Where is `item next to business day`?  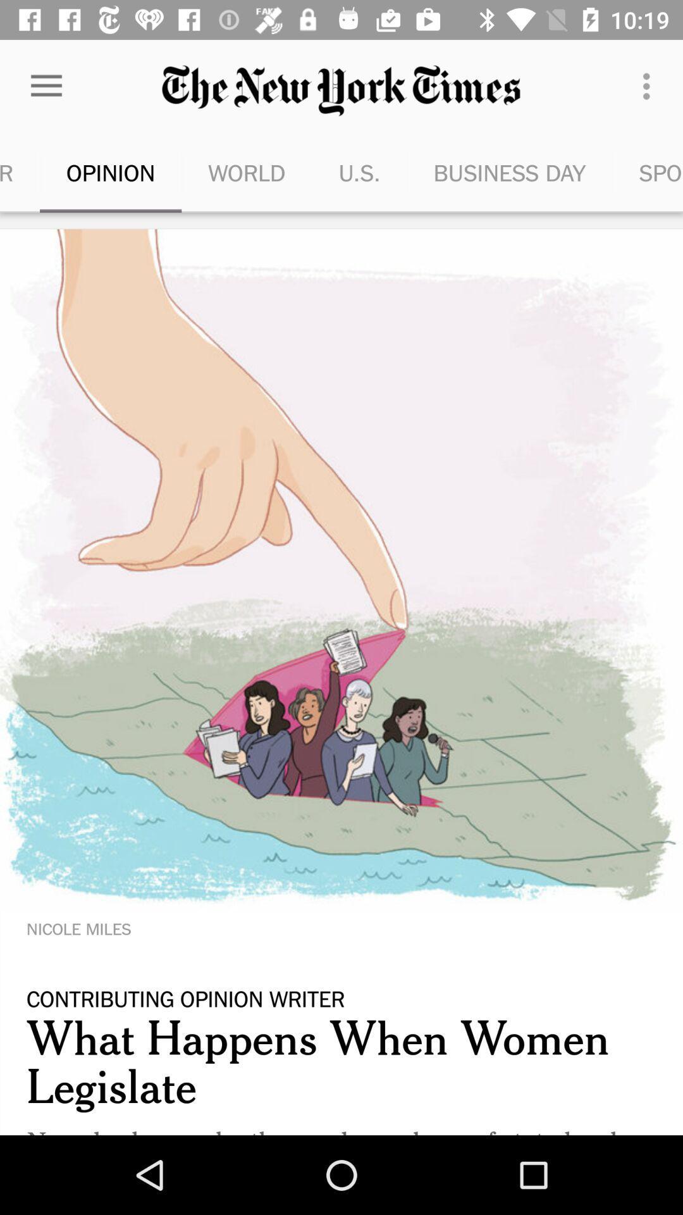
item next to business day is located at coordinates (649, 85).